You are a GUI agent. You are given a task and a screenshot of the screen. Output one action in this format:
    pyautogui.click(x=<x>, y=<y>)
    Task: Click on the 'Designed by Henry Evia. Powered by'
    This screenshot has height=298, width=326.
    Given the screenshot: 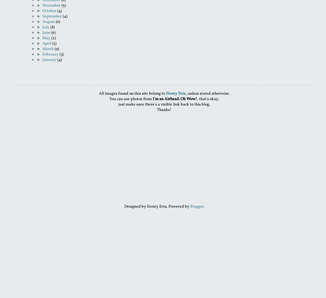 What is the action you would take?
    pyautogui.click(x=124, y=206)
    